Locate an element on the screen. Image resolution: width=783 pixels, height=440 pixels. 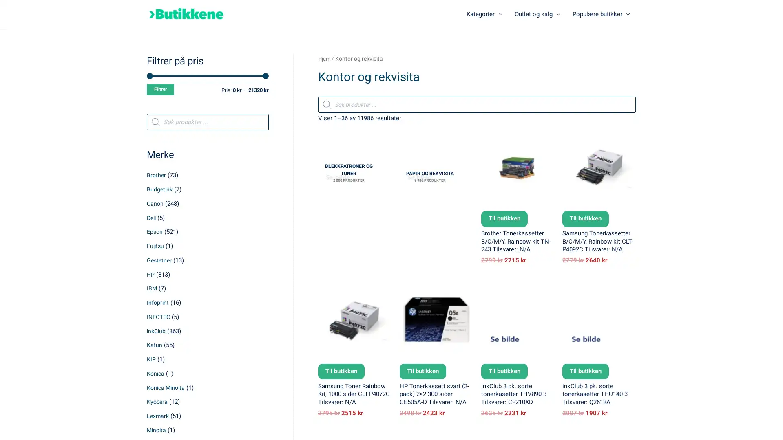
Filtrer is located at coordinates (160, 90).